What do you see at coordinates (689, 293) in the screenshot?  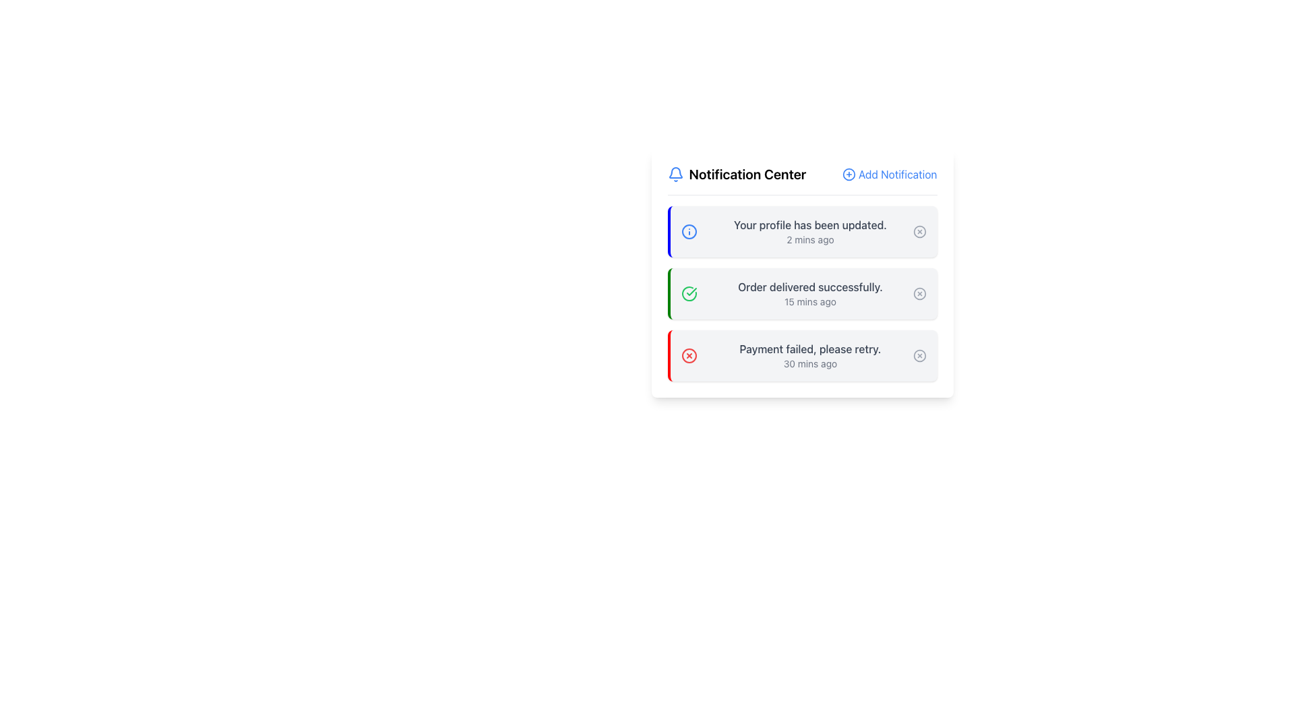 I see `the leftmost icon in the notification entry for 'Order delivered successfully.'` at bounding box center [689, 293].